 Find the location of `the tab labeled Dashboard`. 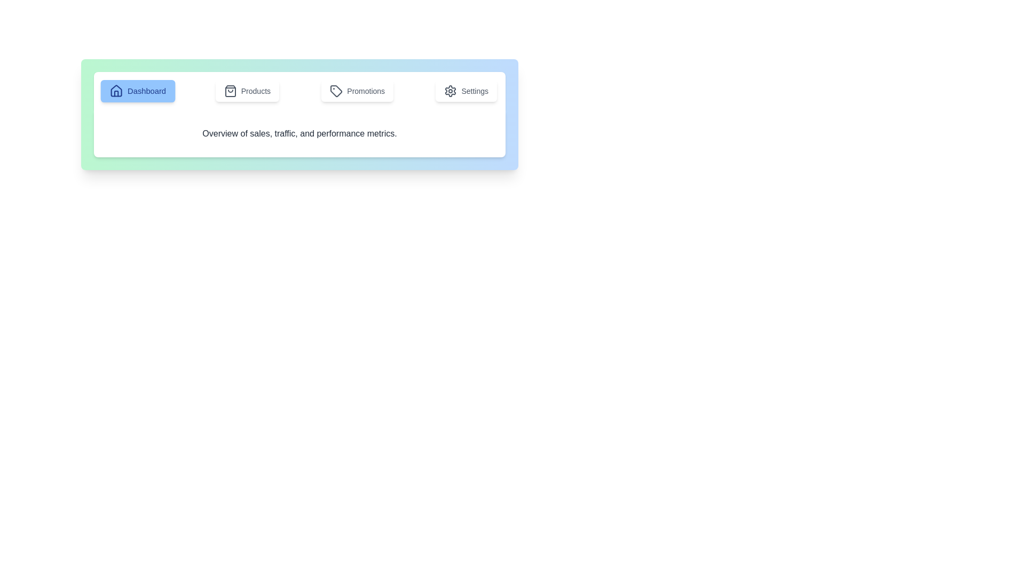

the tab labeled Dashboard is located at coordinates (137, 90).